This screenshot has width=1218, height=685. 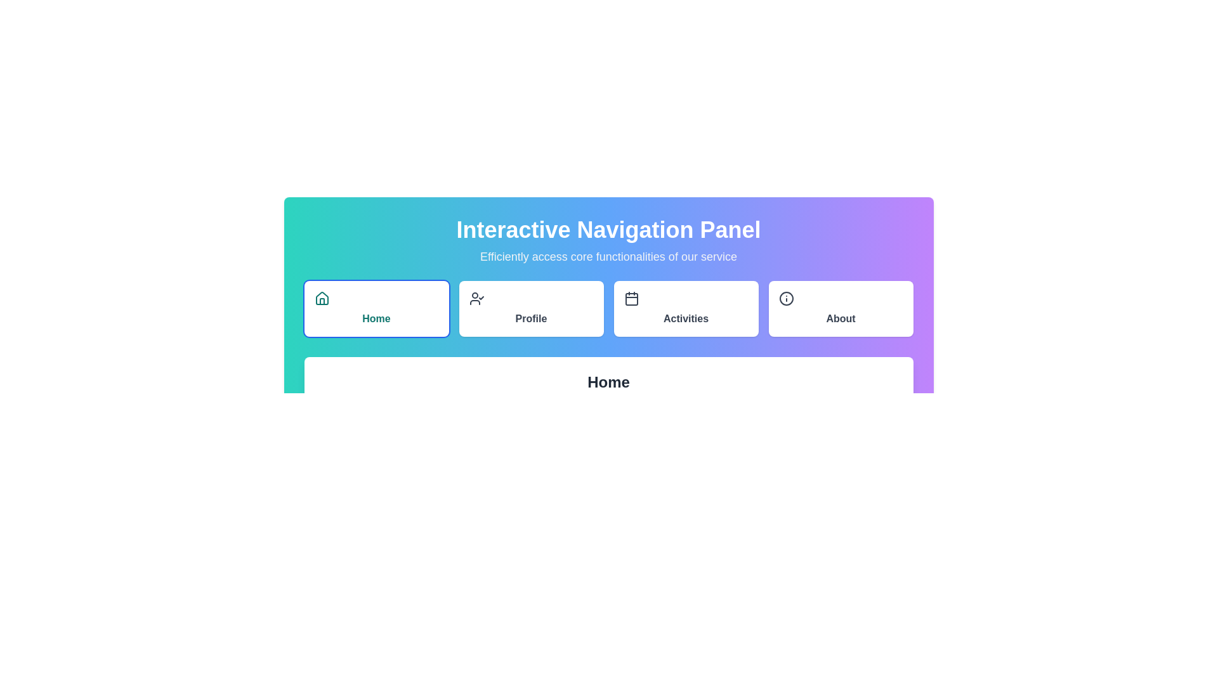 I want to click on the 'About' button, which is the fourth button in the top-right corner of the main navigation panel, to observe style changes, so click(x=841, y=308).